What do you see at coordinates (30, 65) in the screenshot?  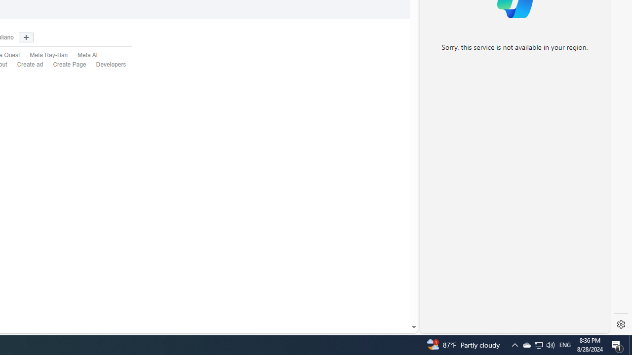 I see `'Create ad'` at bounding box center [30, 65].